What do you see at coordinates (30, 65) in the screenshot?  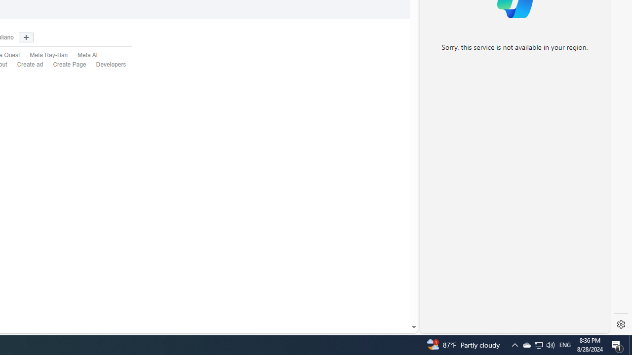 I see `'Create ad'` at bounding box center [30, 65].